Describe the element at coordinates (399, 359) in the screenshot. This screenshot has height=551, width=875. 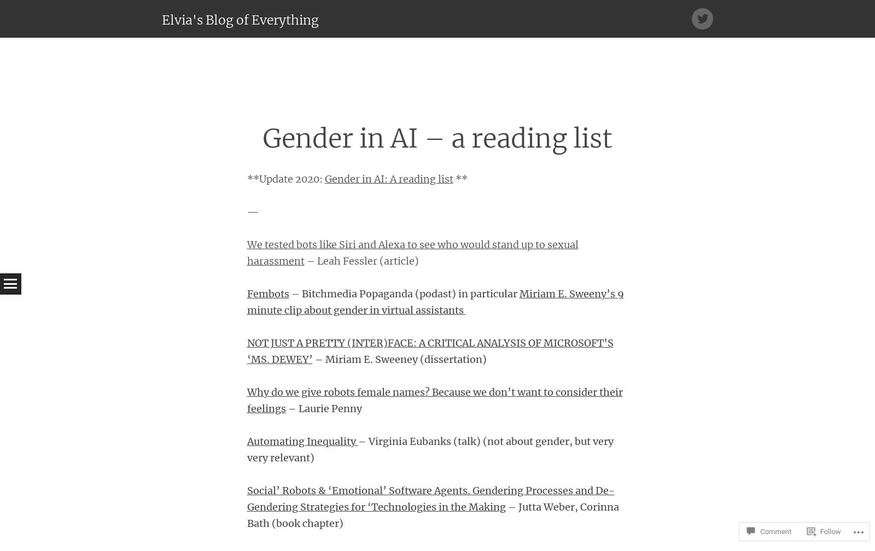
I see `'– Miriam E. Sweeney (dissertation)'` at that location.